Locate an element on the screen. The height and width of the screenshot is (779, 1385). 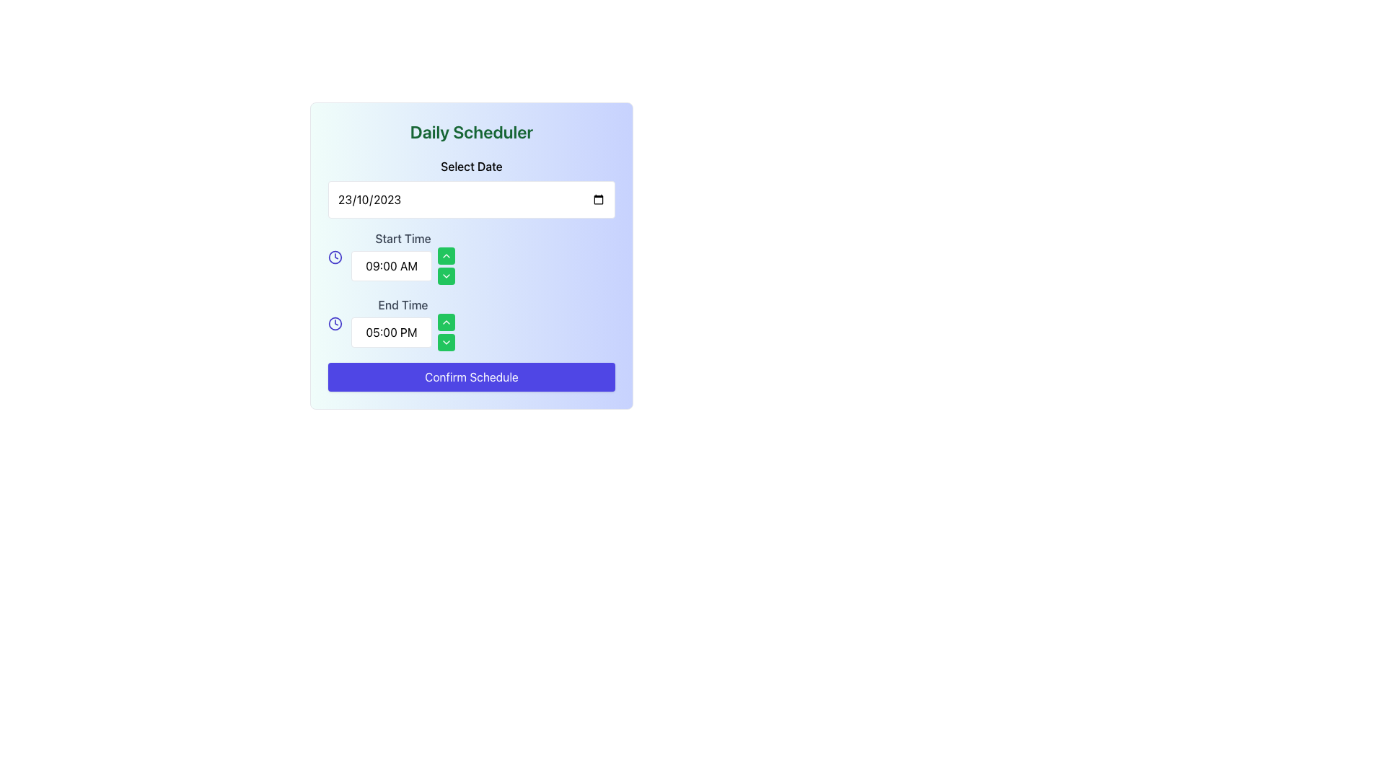
the downward-pointing chevron button in the vertically aligned stepper controls to decrease the start time value in the 'Daily Scheduler' interface is located at coordinates (446, 266).